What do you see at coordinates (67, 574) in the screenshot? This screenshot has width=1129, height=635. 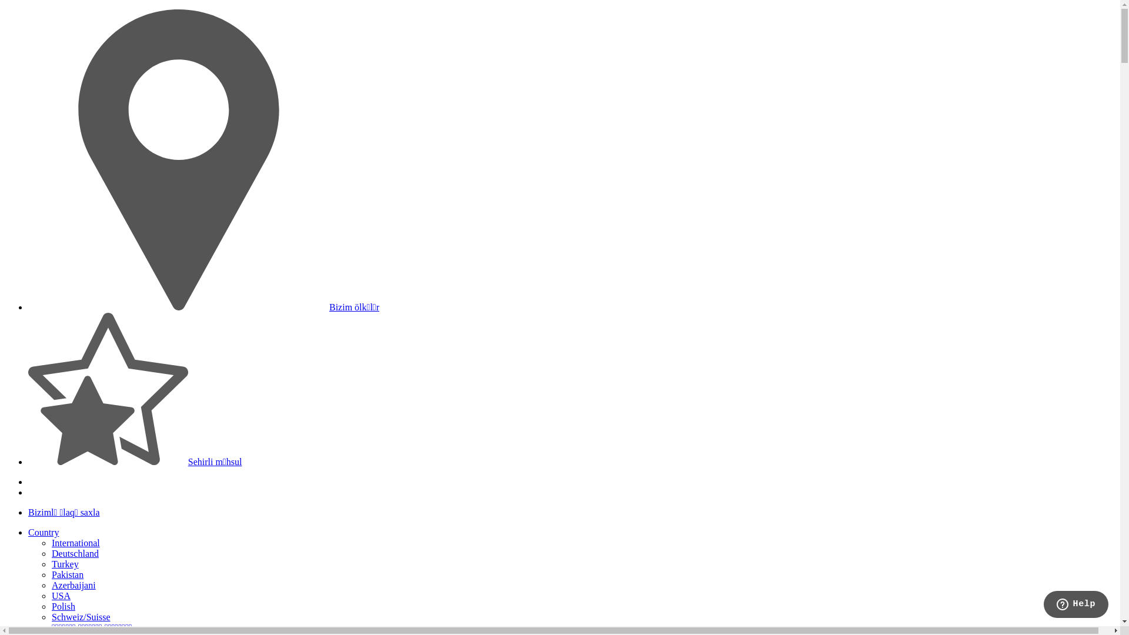 I see `'Pakistan'` at bounding box center [67, 574].